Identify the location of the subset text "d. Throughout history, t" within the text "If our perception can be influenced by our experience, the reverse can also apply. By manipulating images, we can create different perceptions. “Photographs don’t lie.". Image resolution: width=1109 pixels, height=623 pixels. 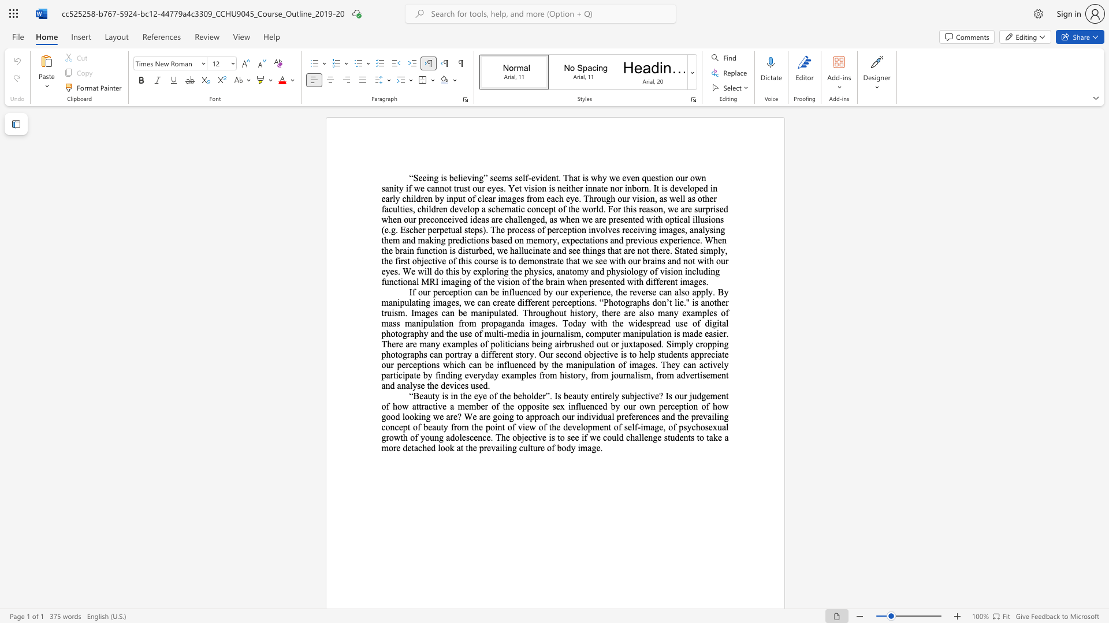
(511, 313).